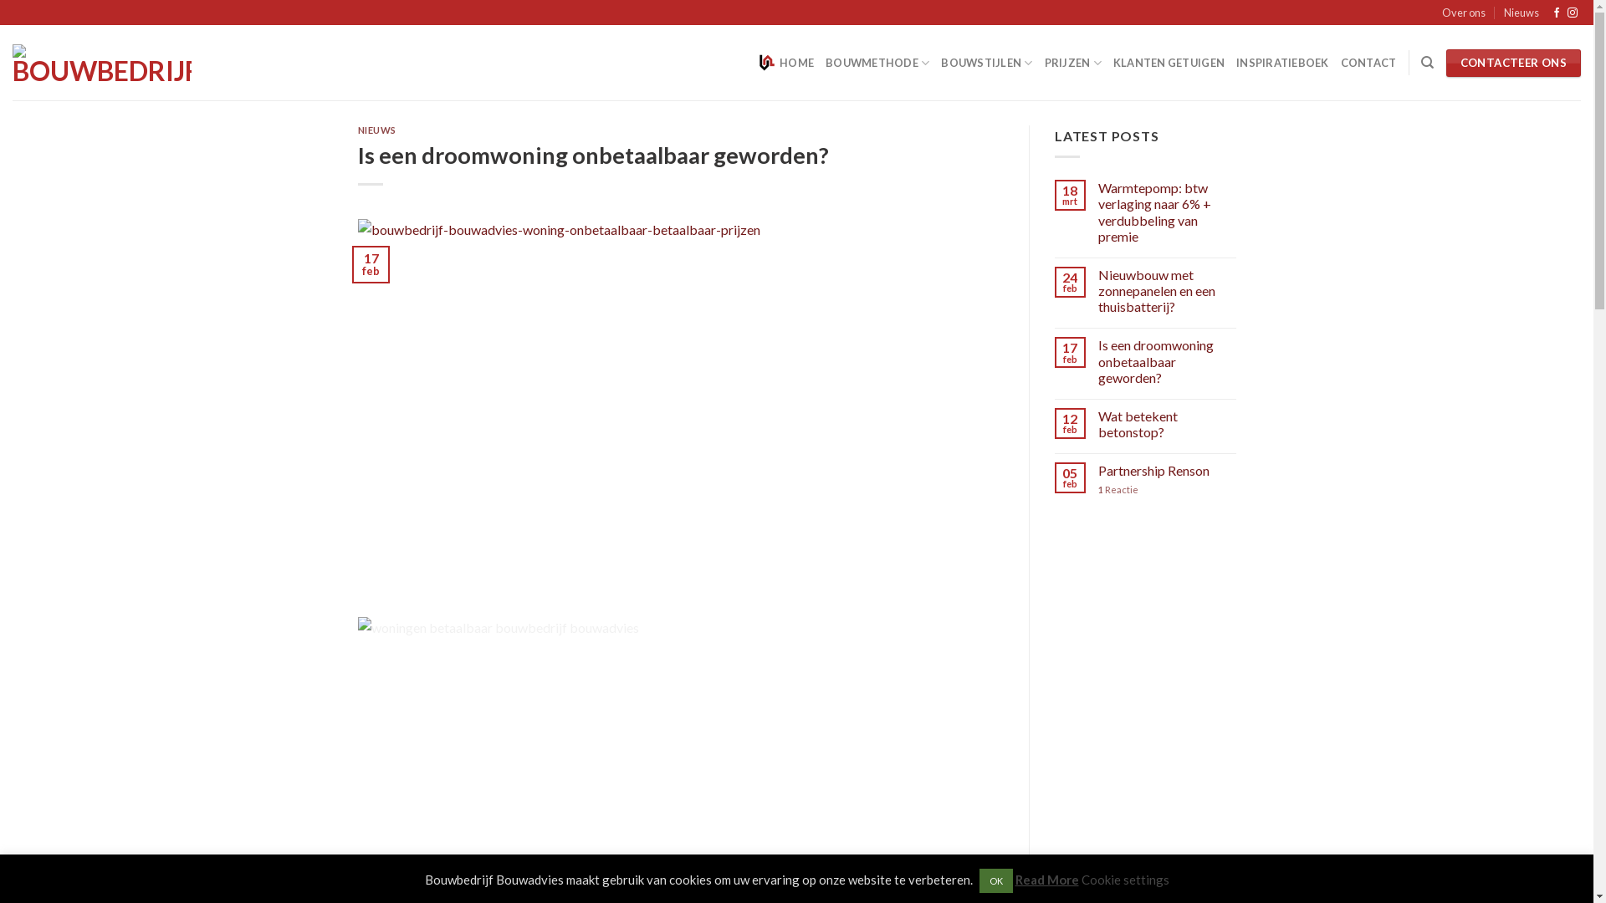  Describe the element at coordinates (1368, 61) in the screenshot. I see `'CONTACT'` at that location.